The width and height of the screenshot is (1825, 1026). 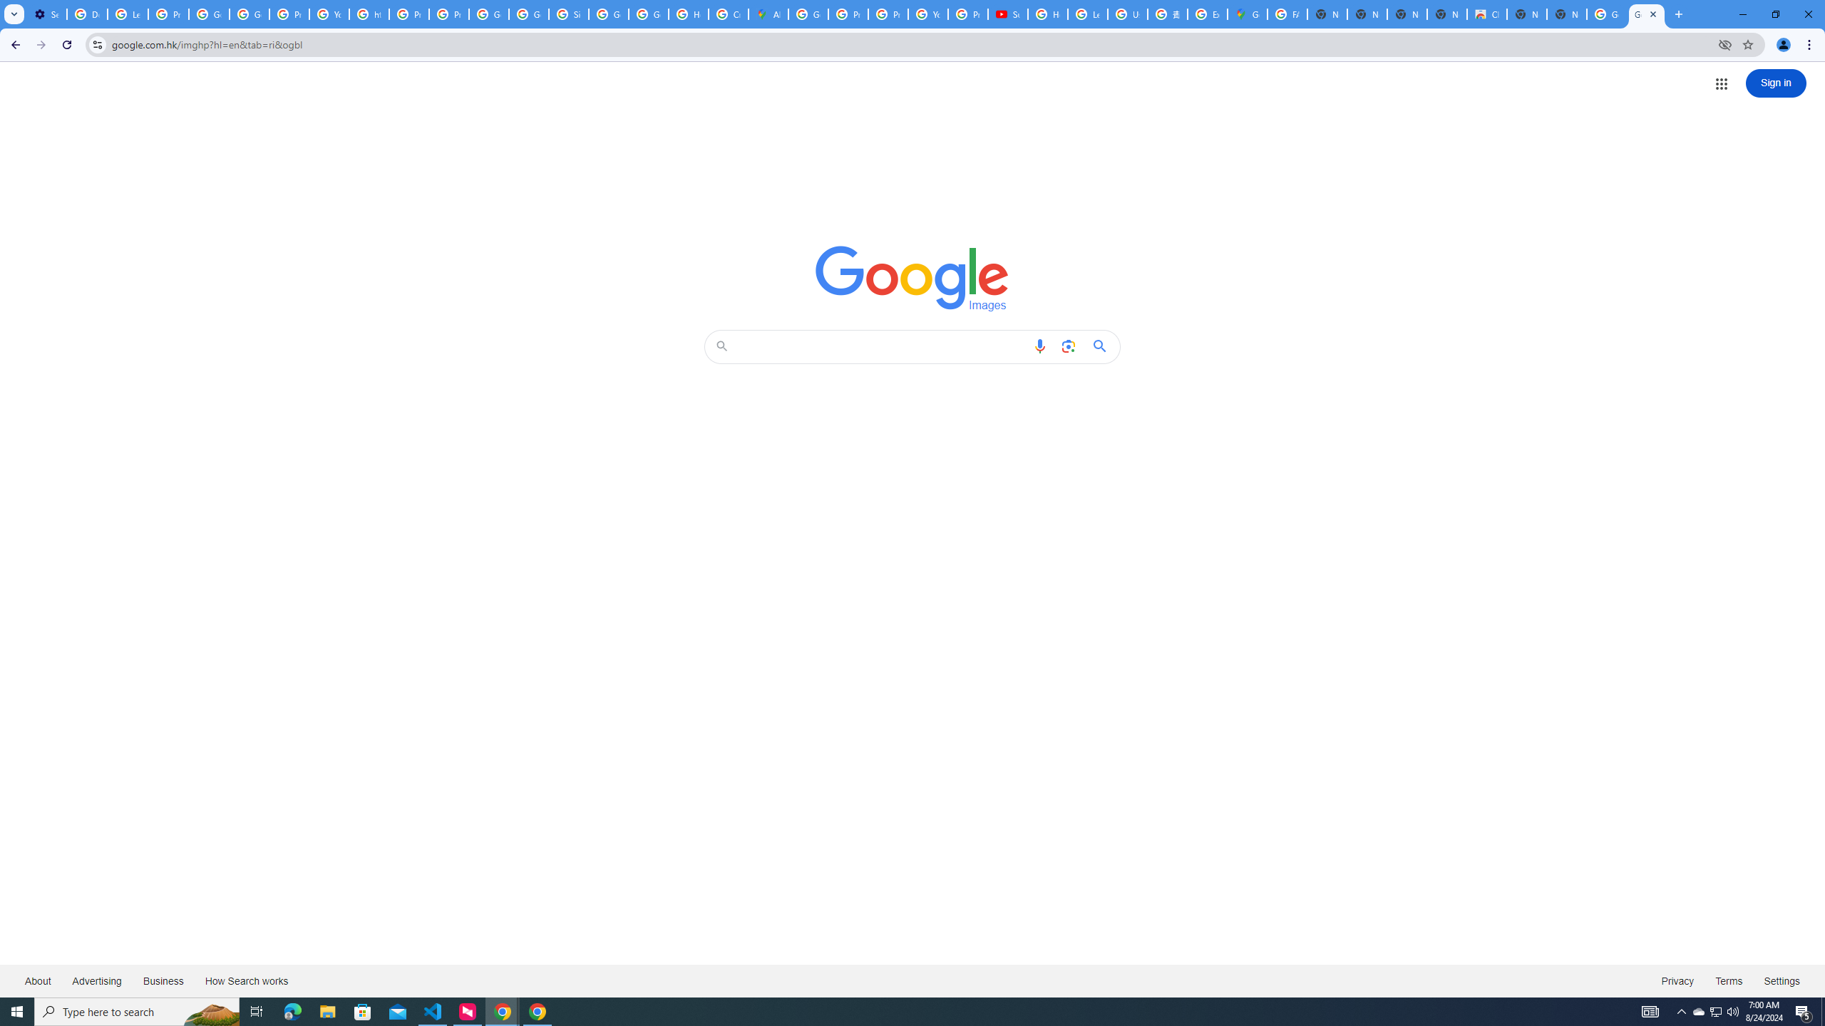 I want to click on 'Settings - On startup', so click(x=46, y=14).